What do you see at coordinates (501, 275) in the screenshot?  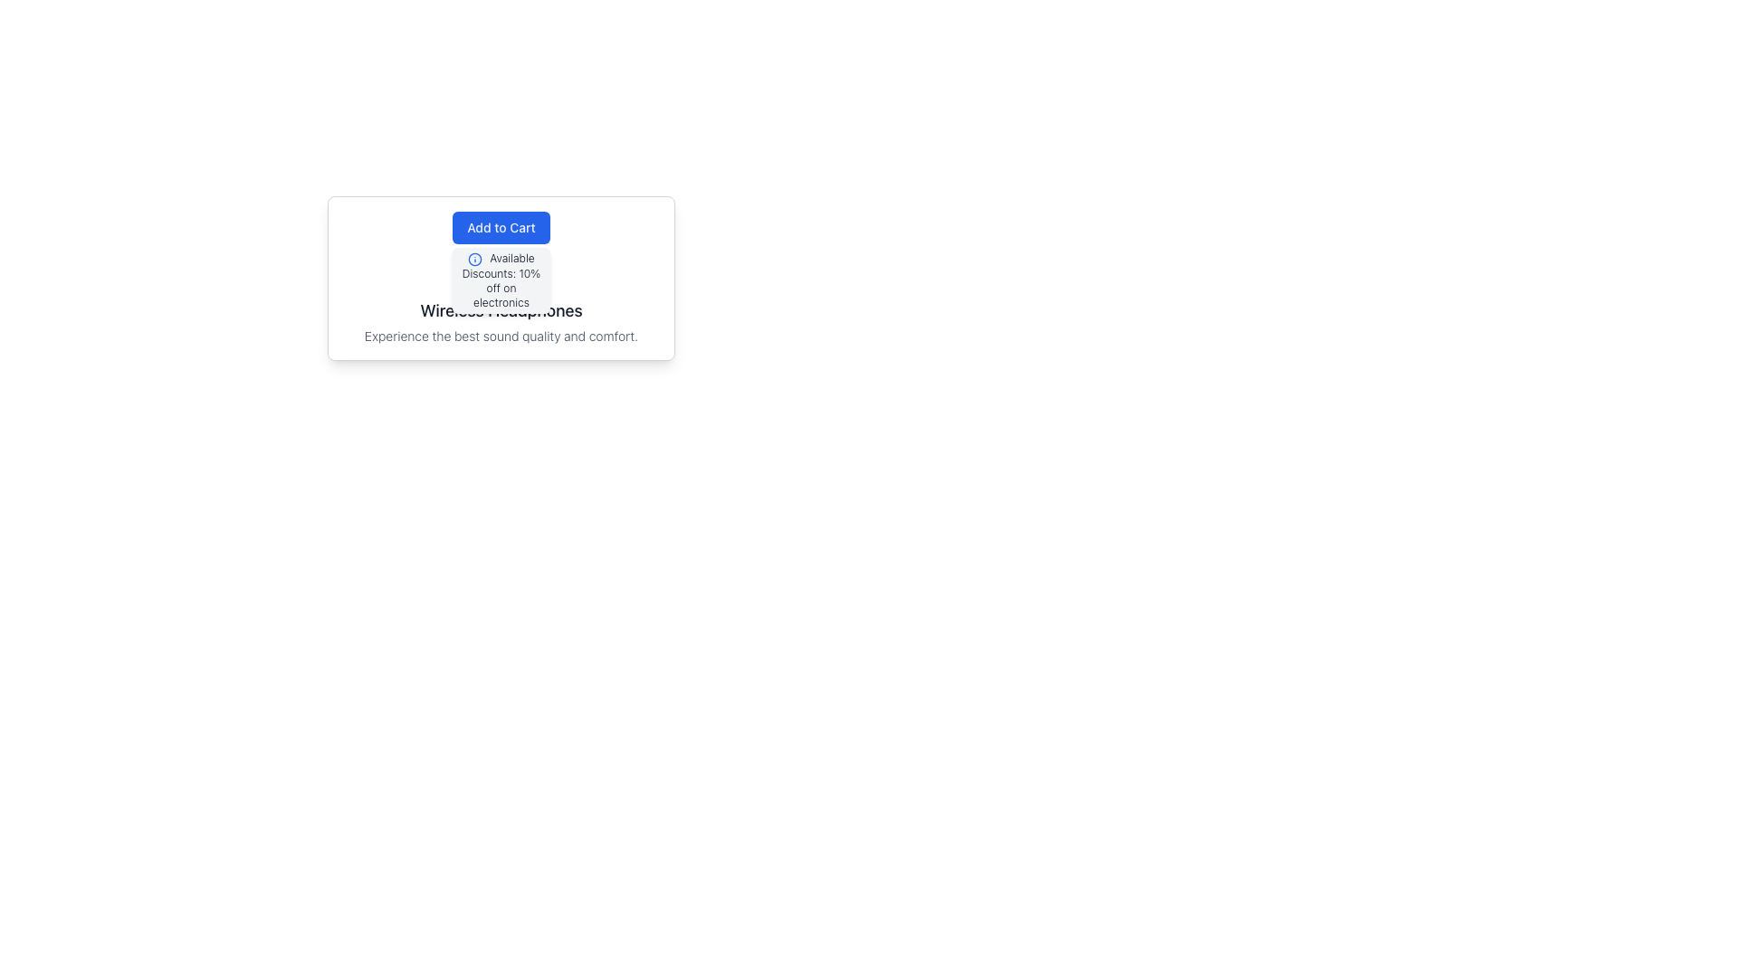 I see `the shopping cart icon located above the 'Wireless Headphones' text, which has a transparent background and gray stroke color` at bounding box center [501, 275].